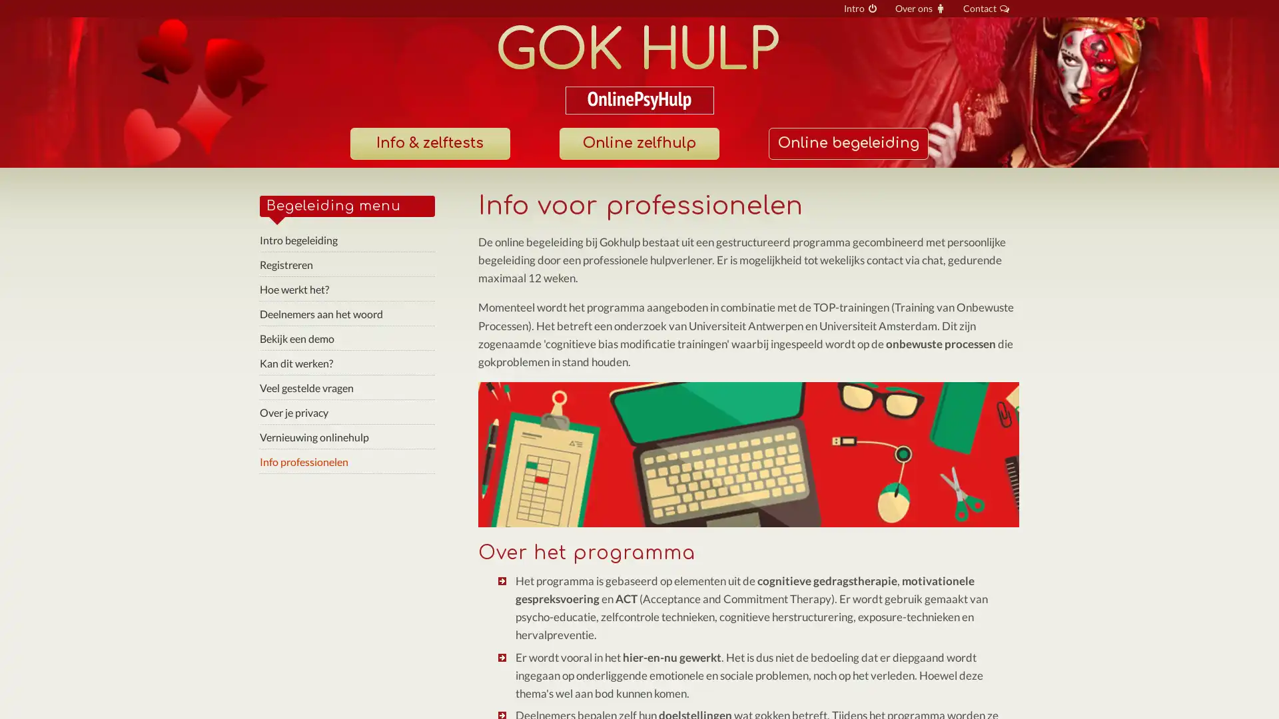  I want to click on Info & zelftests, so click(429, 143).